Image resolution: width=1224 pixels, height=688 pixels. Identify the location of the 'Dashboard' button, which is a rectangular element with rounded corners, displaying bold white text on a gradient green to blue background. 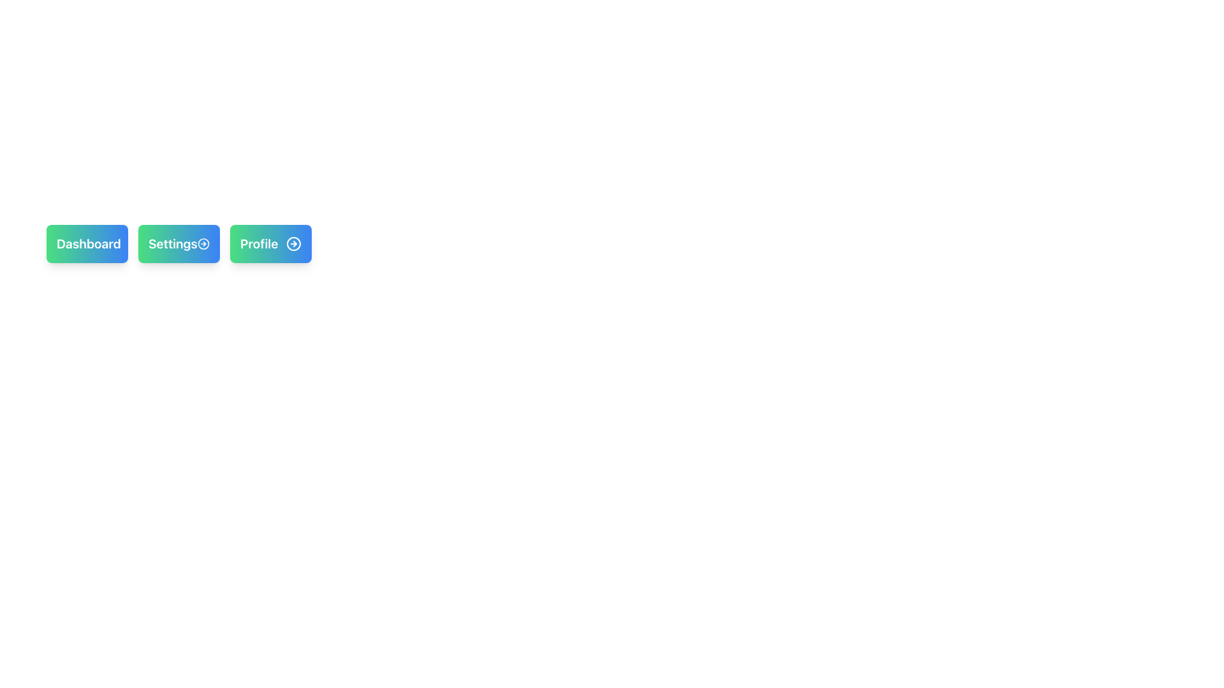
(87, 243).